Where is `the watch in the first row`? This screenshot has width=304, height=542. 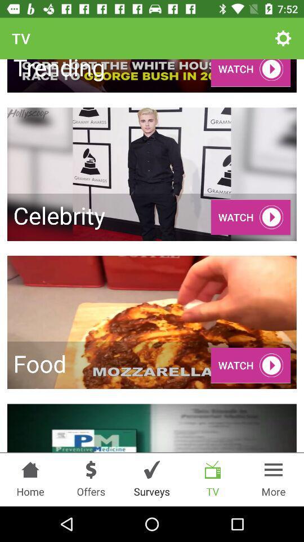
the watch in the first row is located at coordinates (251, 72).